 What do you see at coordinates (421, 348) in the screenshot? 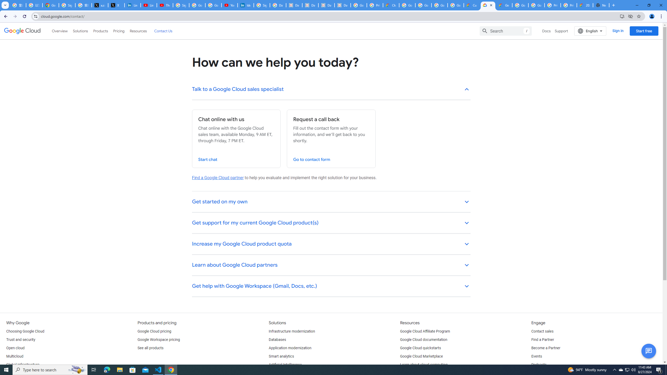
I see `'Google Cloud quickstarts'` at bounding box center [421, 348].